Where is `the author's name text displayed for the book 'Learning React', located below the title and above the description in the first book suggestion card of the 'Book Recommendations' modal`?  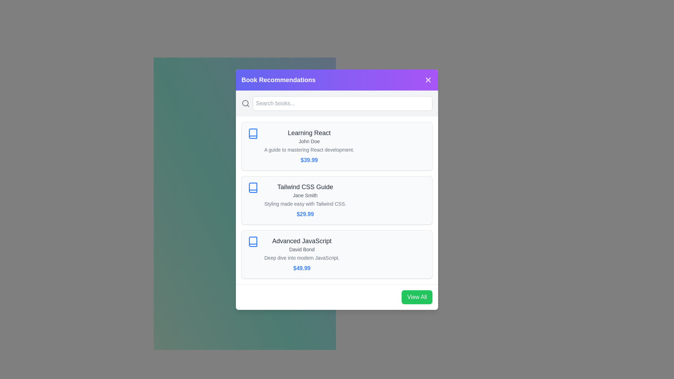
the author's name text displayed for the book 'Learning React', located below the title and above the description in the first book suggestion card of the 'Book Recommendations' modal is located at coordinates (309, 141).